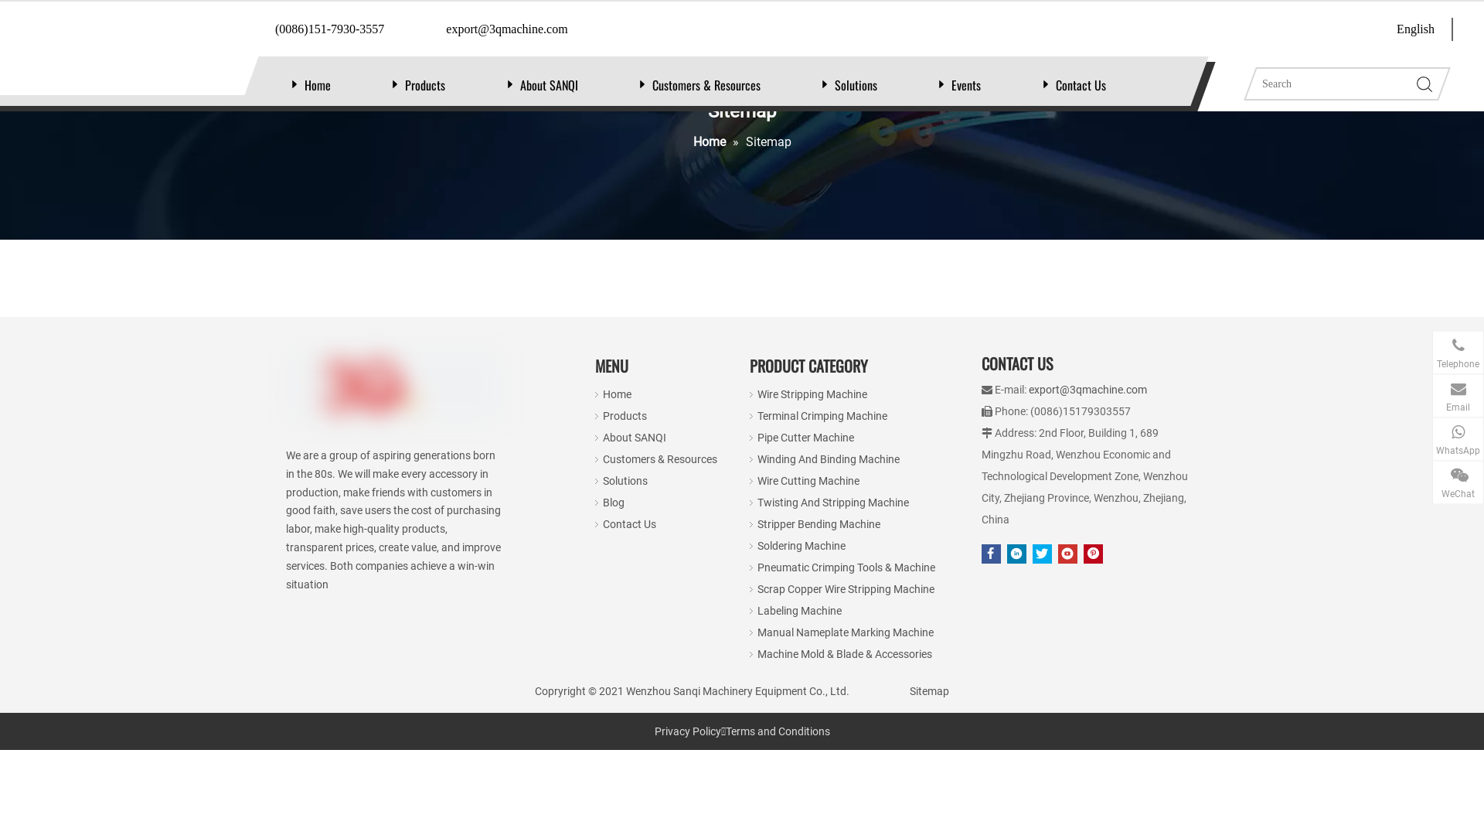  What do you see at coordinates (757, 414) in the screenshot?
I see `'Terminal Crimping Machine'` at bounding box center [757, 414].